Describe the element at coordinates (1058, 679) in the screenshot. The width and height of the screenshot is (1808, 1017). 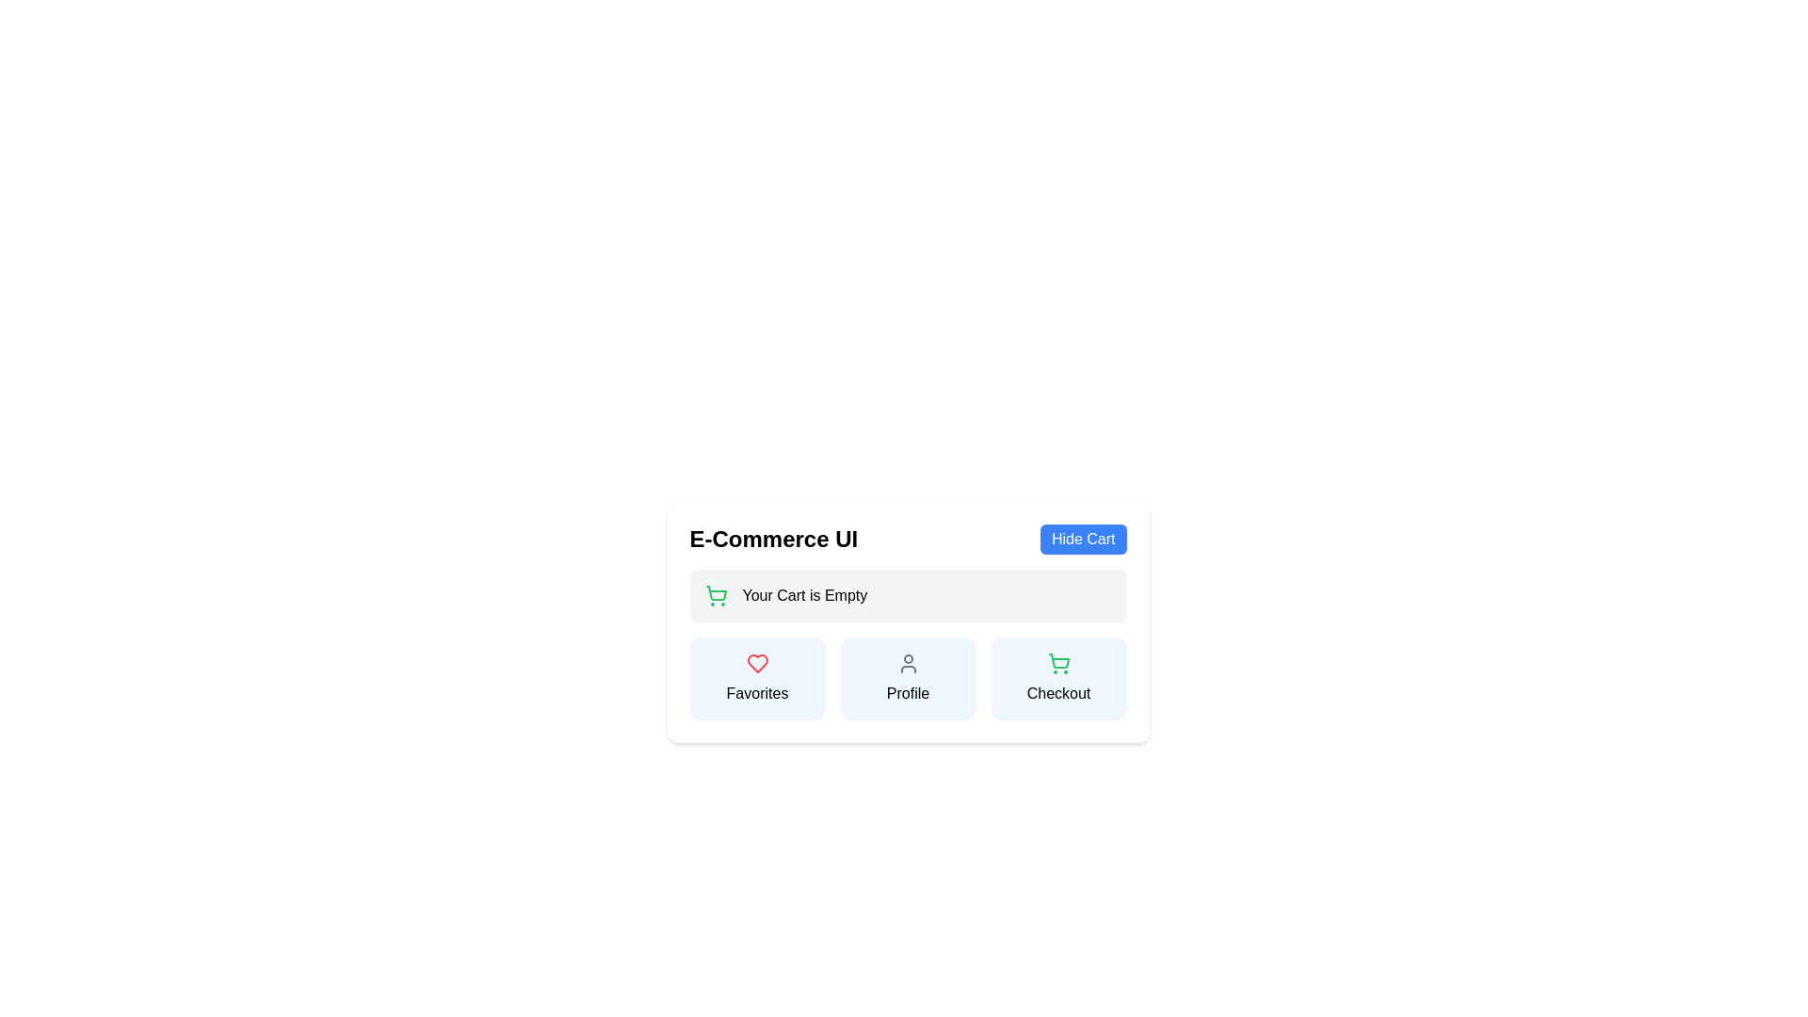
I see `the 'Checkout' button in the e-commerce interface` at that location.